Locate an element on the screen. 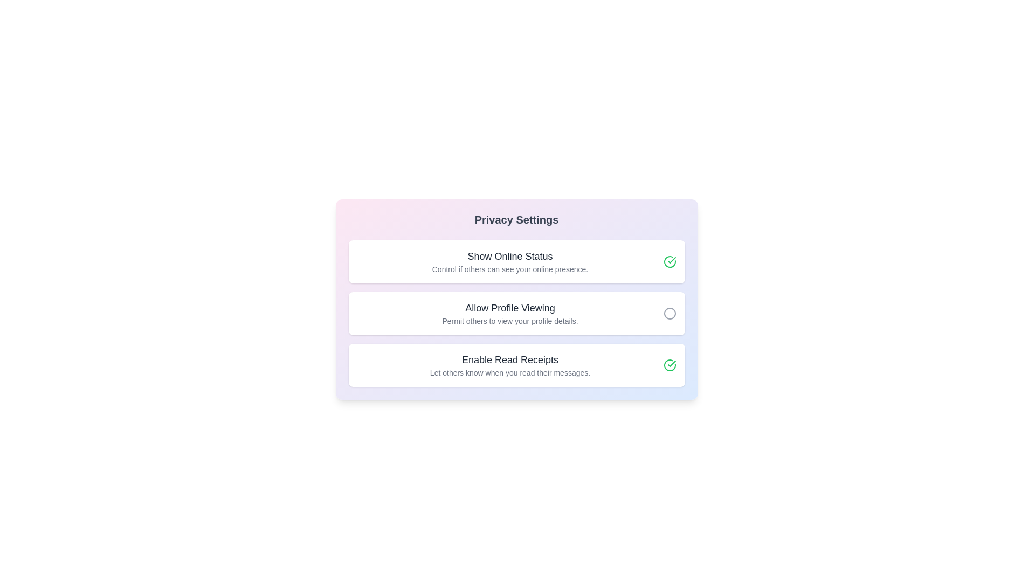 This screenshot has height=582, width=1035. the option element Enable Read Receipts to inspect its hover state is located at coordinates (516, 365).